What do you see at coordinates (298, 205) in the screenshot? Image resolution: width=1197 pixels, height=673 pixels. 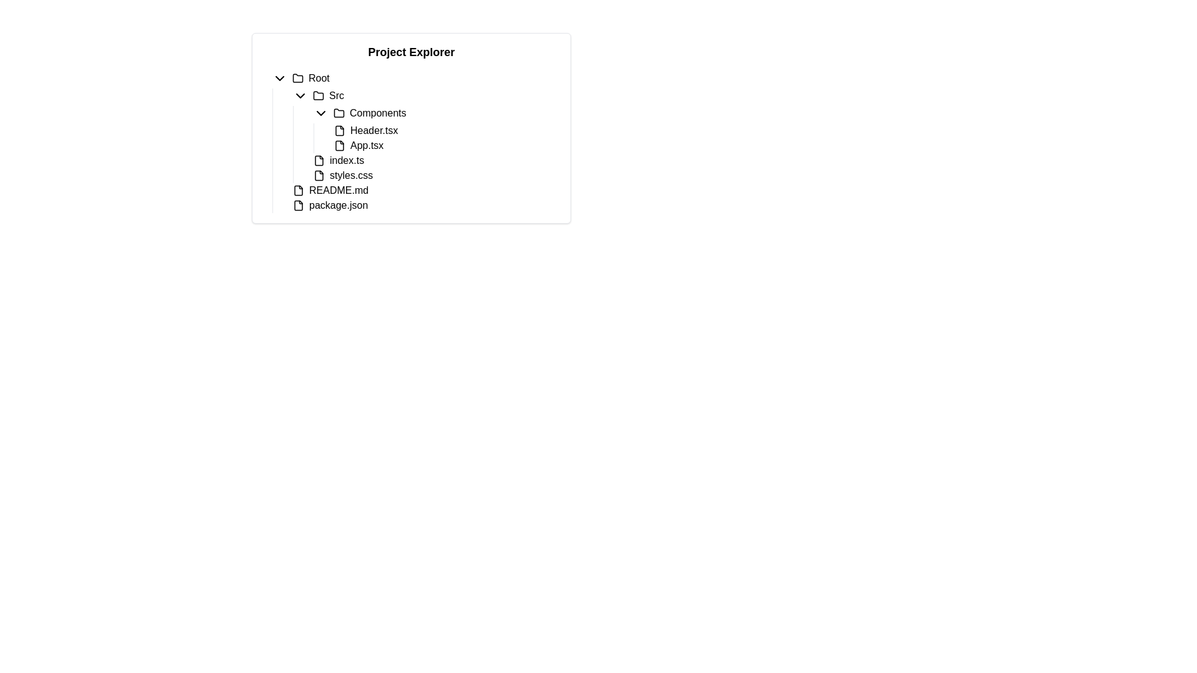 I see `the graphical file icon representing the 'package.json' file in the Project Explorer panel` at bounding box center [298, 205].